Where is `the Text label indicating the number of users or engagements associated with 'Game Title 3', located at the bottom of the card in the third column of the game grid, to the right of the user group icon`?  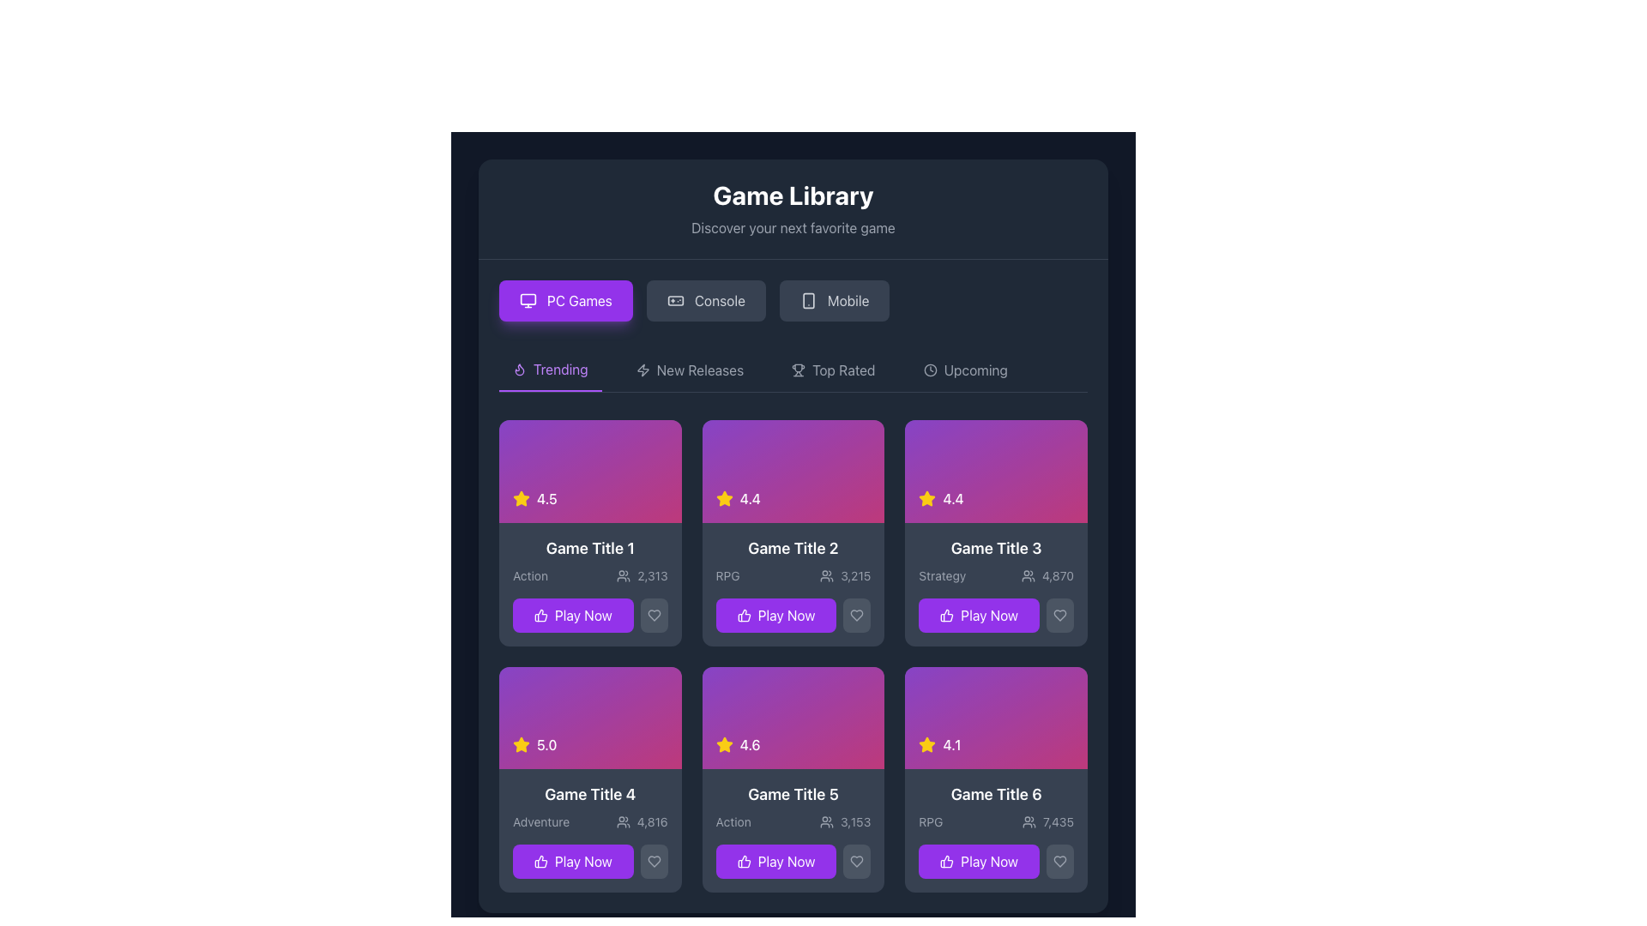
the Text label indicating the number of users or engagements associated with 'Game Title 3', located at the bottom of the card in the third column of the game grid, to the right of the user group icon is located at coordinates (1057, 575).